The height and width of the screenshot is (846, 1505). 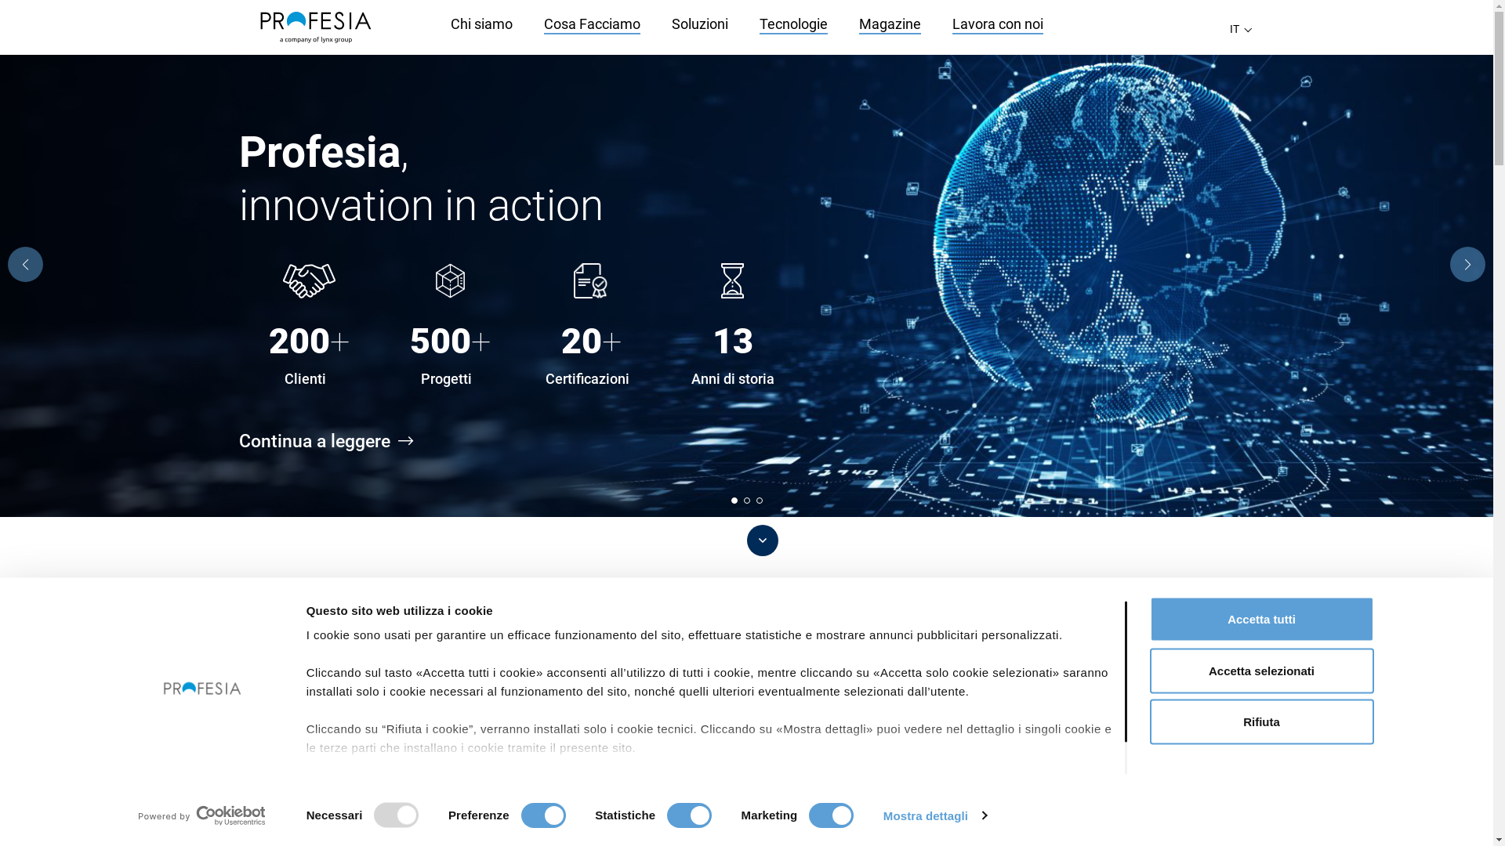 What do you see at coordinates (698, 23) in the screenshot?
I see `'Soluzioni'` at bounding box center [698, 23].